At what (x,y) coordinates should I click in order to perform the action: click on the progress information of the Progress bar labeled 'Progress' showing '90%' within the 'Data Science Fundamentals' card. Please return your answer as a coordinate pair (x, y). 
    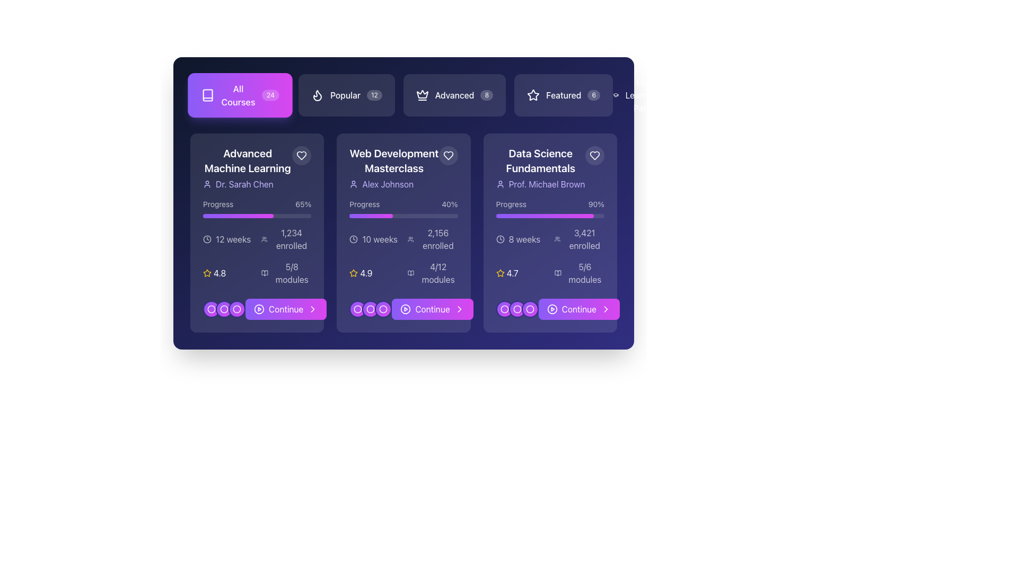
    Looking at the image, I should click on (550, 208).